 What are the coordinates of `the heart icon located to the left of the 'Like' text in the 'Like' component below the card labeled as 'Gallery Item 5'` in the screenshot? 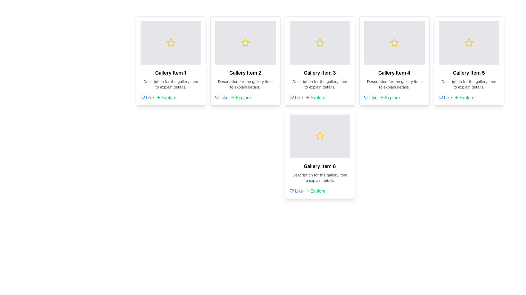 It's located at (441, 97).